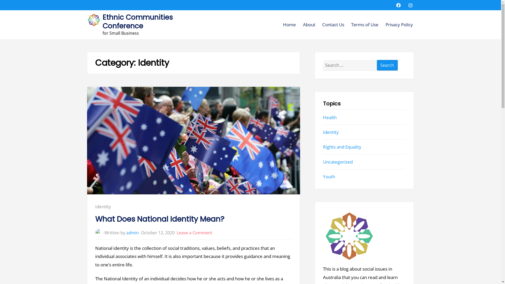  What do you see at coordinates (387, 65) in the screenshot?
I see `'Search'` at bounding box center [387, 65].